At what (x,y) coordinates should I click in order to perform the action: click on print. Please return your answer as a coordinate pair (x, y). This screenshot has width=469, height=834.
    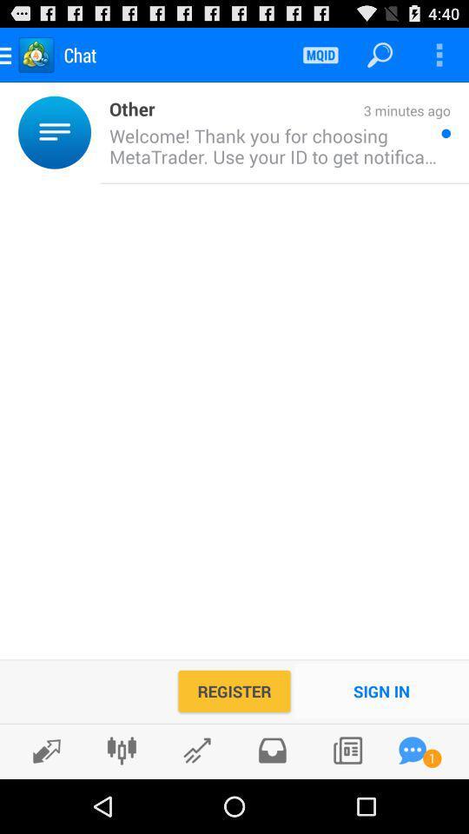
    Looking at the image, I should click on (272, 750).